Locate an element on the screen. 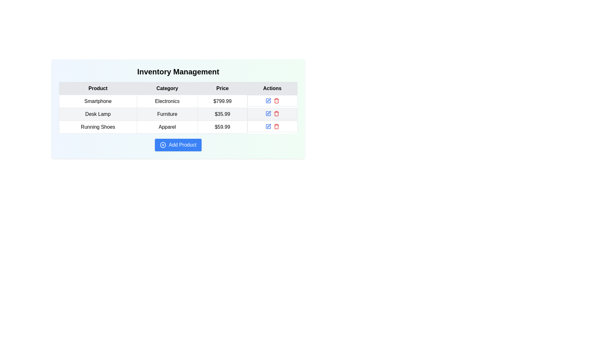  on the first row of the 'Category' column in the 'Inventory Management' table is located at coordinates (178, 109).